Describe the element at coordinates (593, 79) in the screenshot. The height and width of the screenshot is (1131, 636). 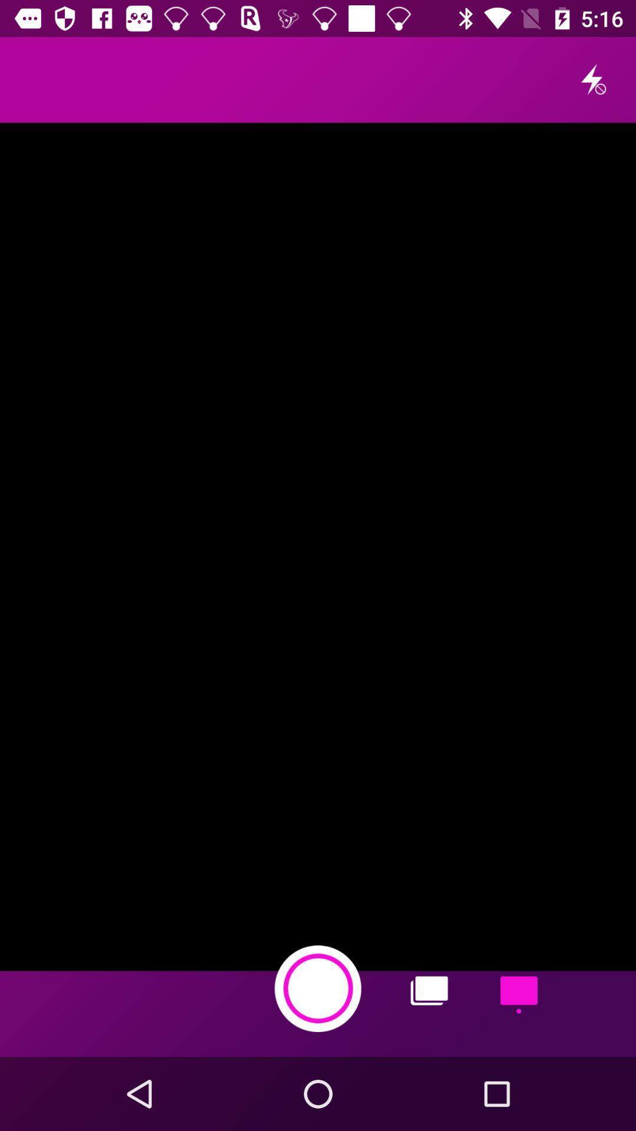
I see `the flash icon` at that location.